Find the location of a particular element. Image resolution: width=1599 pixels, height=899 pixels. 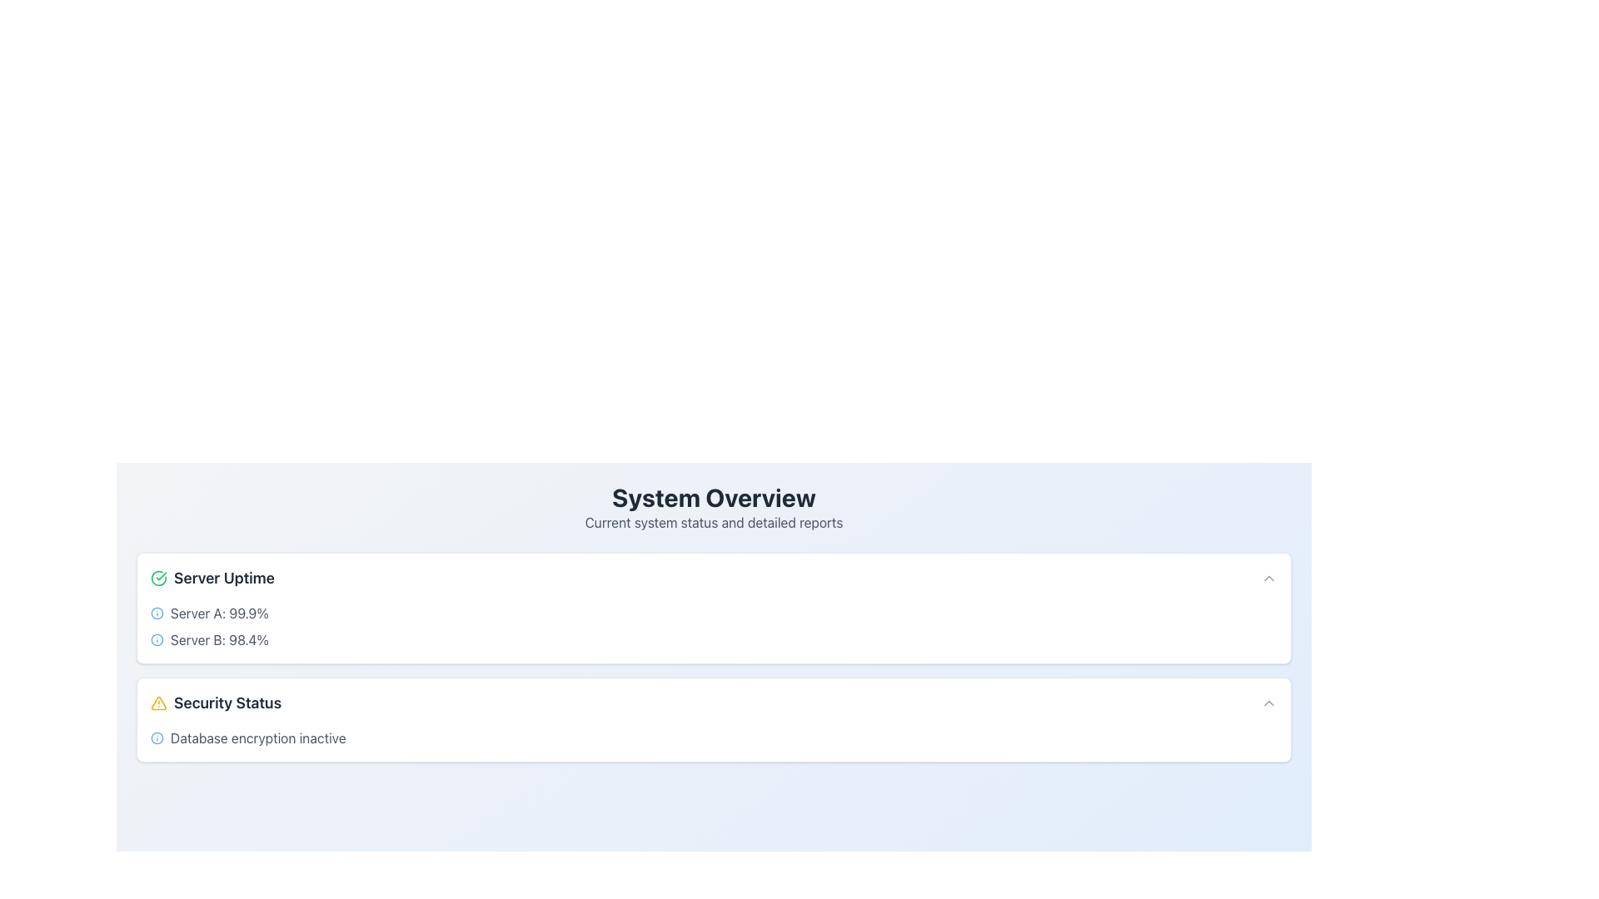

the 'Security Status' label with the alert triangle icon, which is styled prominently in a bold and dark font, located beneath the 'Server Uptime' section is located at coordinates (215, 703).